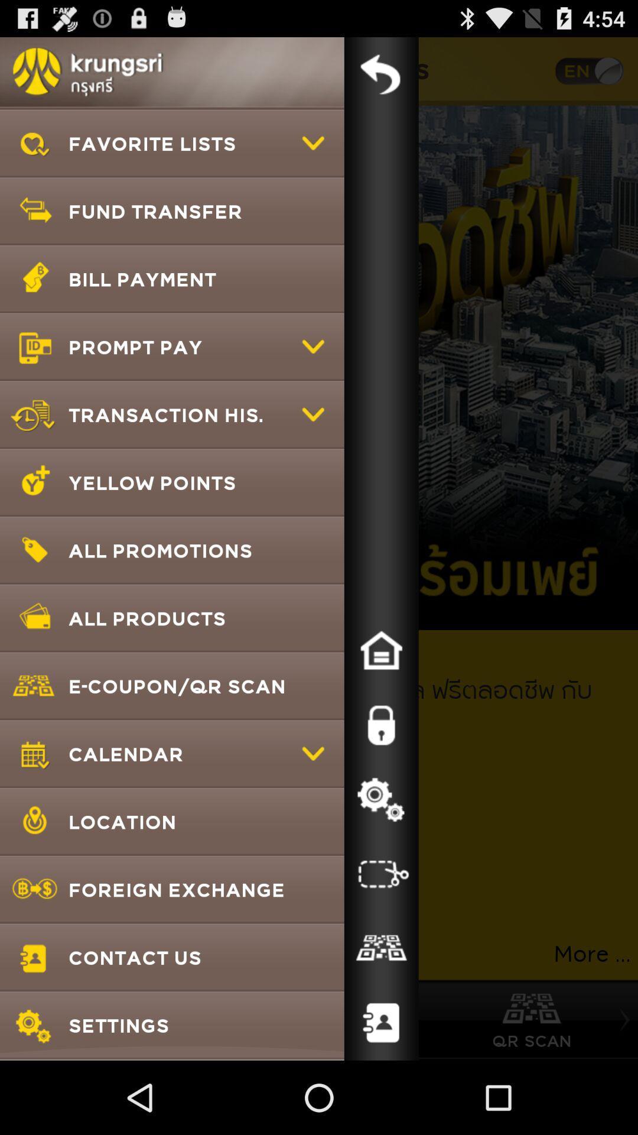 This screenshot has height=1135, width=638. What do you see at coordinates (381, 725) in the screenshot?
I see `passwords and security options` at bounding box center [381, 725].